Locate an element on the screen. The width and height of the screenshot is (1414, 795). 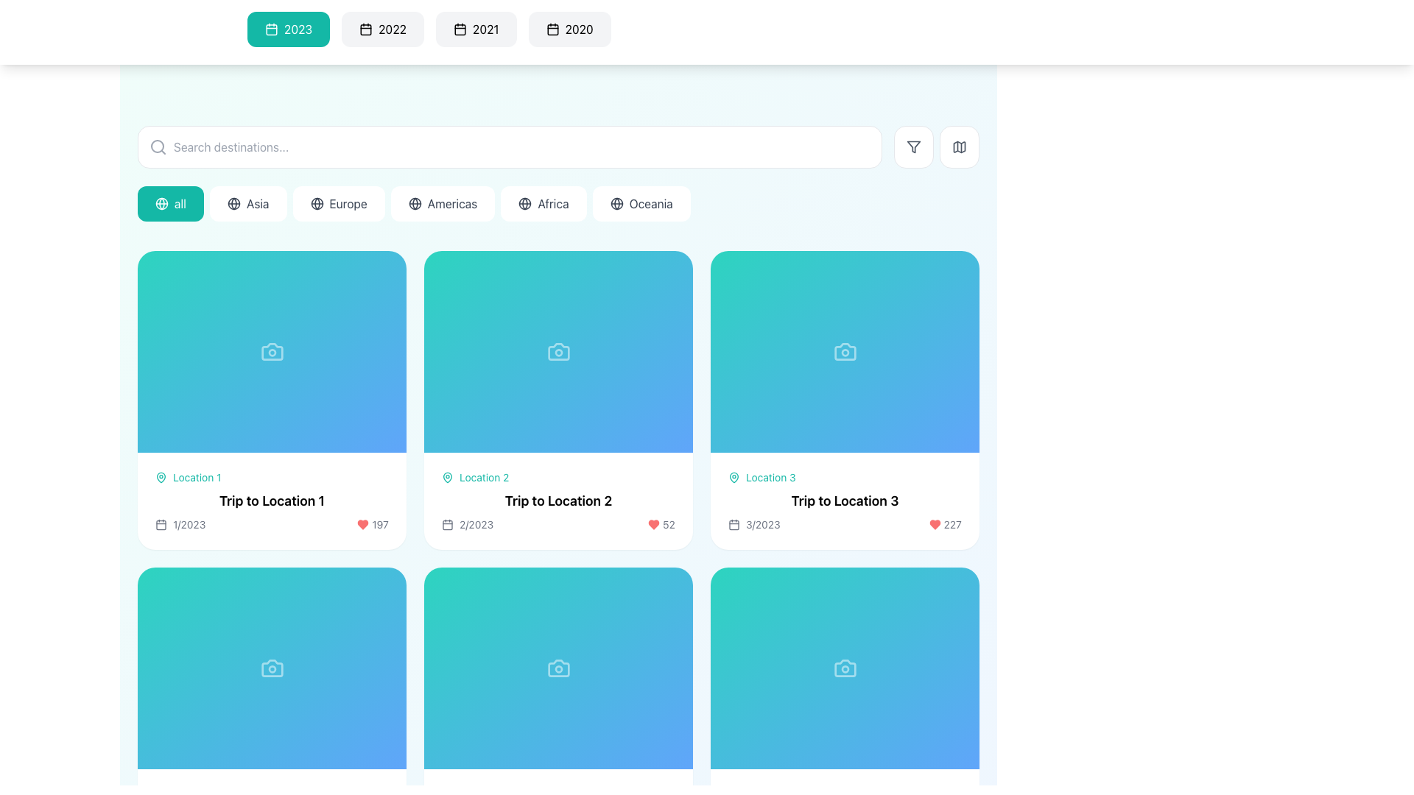
the share button located in the upper-right section of the card labeled 'Trip to Location 2' is located at coordinates (667, 275).